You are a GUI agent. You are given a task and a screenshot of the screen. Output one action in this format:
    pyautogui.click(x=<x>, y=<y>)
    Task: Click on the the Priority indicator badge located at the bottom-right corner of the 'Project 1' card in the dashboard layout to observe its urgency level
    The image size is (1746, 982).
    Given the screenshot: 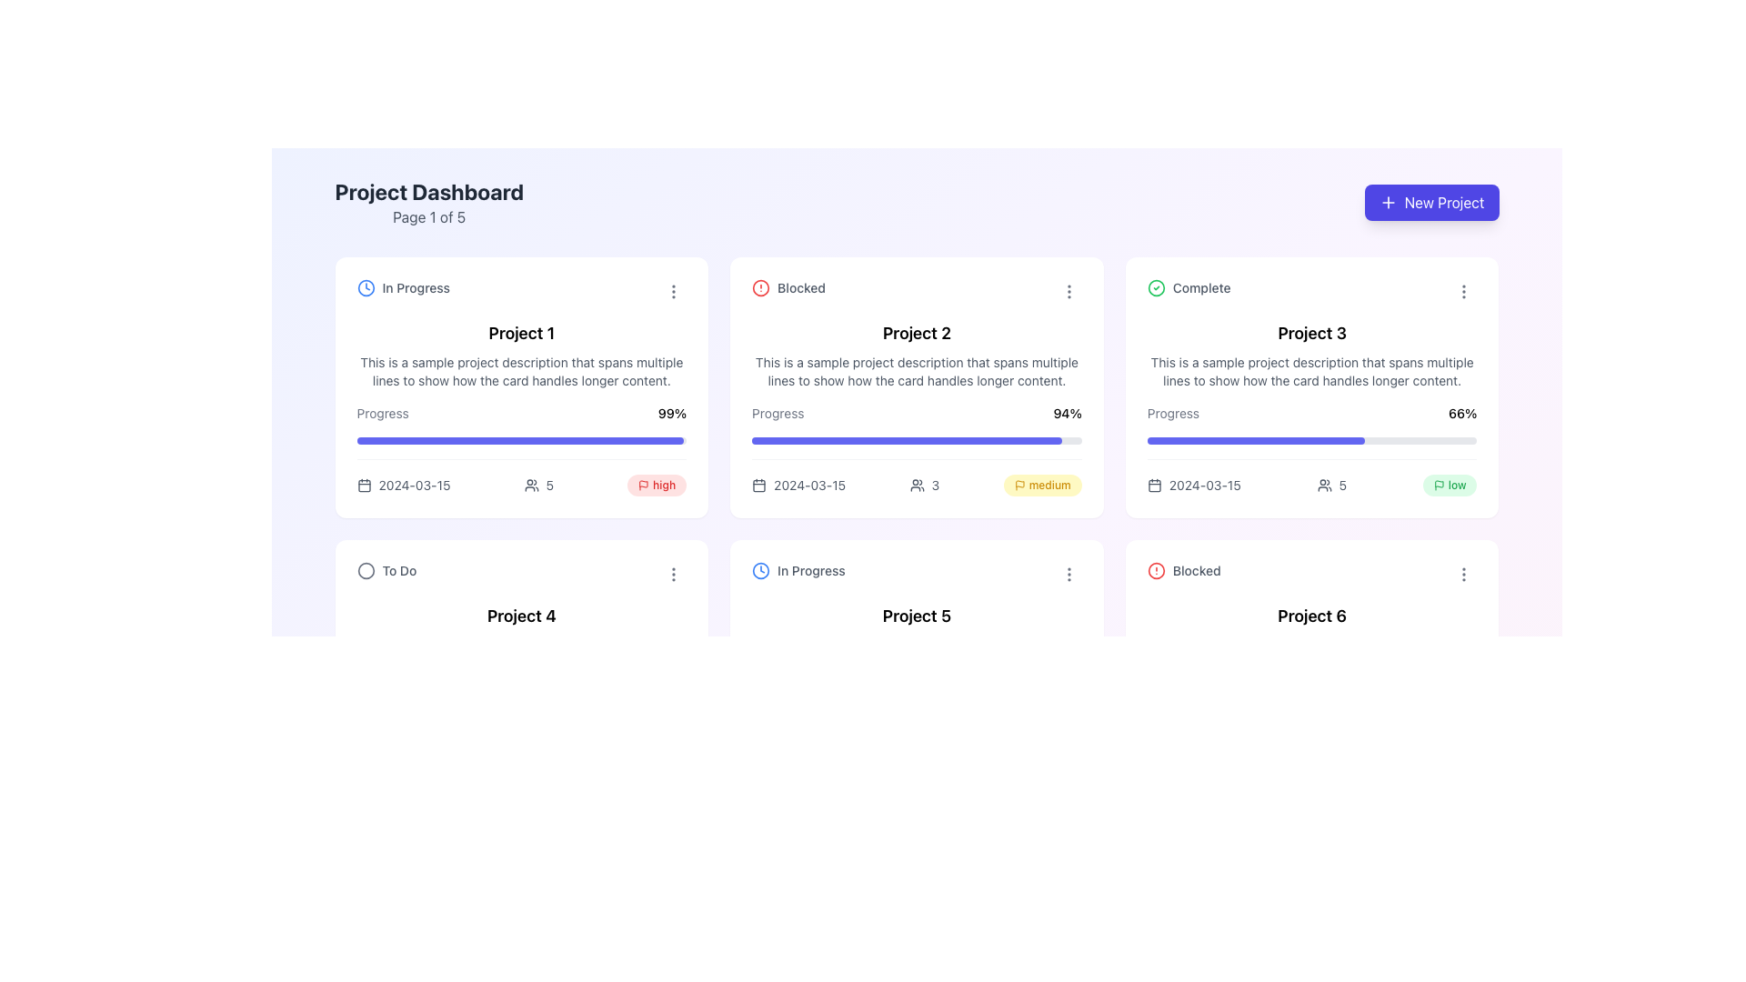 What is the action you would take?
    pyautogui.click(x=656, y=484)
    